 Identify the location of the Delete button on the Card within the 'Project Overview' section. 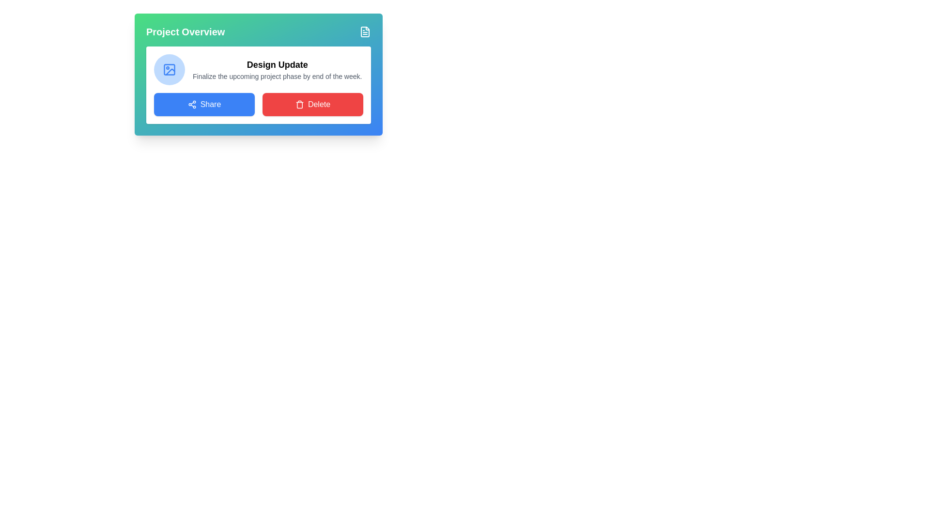
(258, 85).